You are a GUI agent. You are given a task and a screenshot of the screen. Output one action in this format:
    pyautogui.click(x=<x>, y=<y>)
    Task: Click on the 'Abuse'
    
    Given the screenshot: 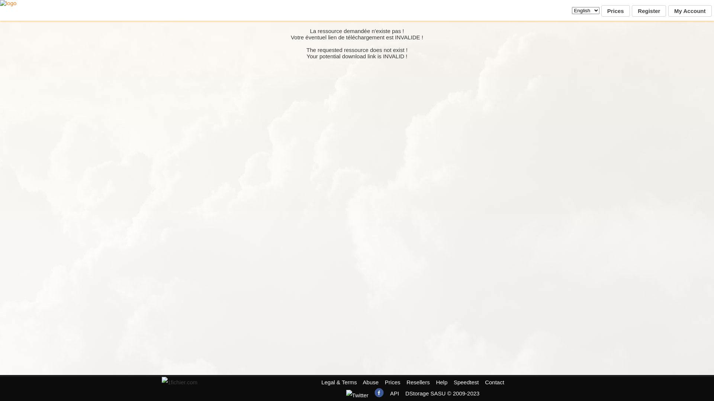 What is the action you would take?
    pyautogui.click(x=363, y=382)
    